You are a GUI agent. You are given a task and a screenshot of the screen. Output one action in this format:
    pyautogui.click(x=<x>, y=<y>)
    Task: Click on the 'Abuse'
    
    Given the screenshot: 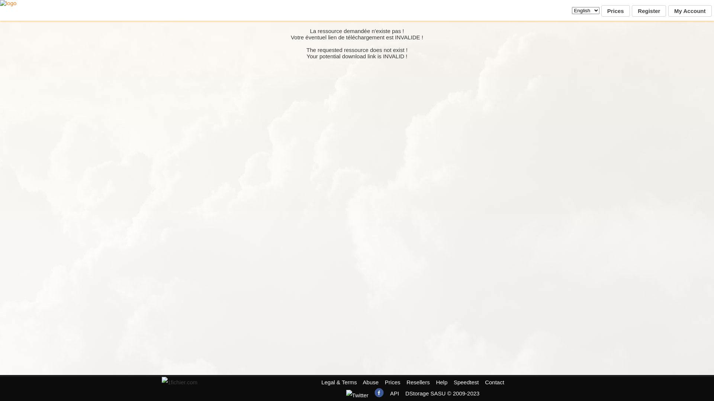 What is the action you would take?
    pyautogui.click(x=363, y=382)
    